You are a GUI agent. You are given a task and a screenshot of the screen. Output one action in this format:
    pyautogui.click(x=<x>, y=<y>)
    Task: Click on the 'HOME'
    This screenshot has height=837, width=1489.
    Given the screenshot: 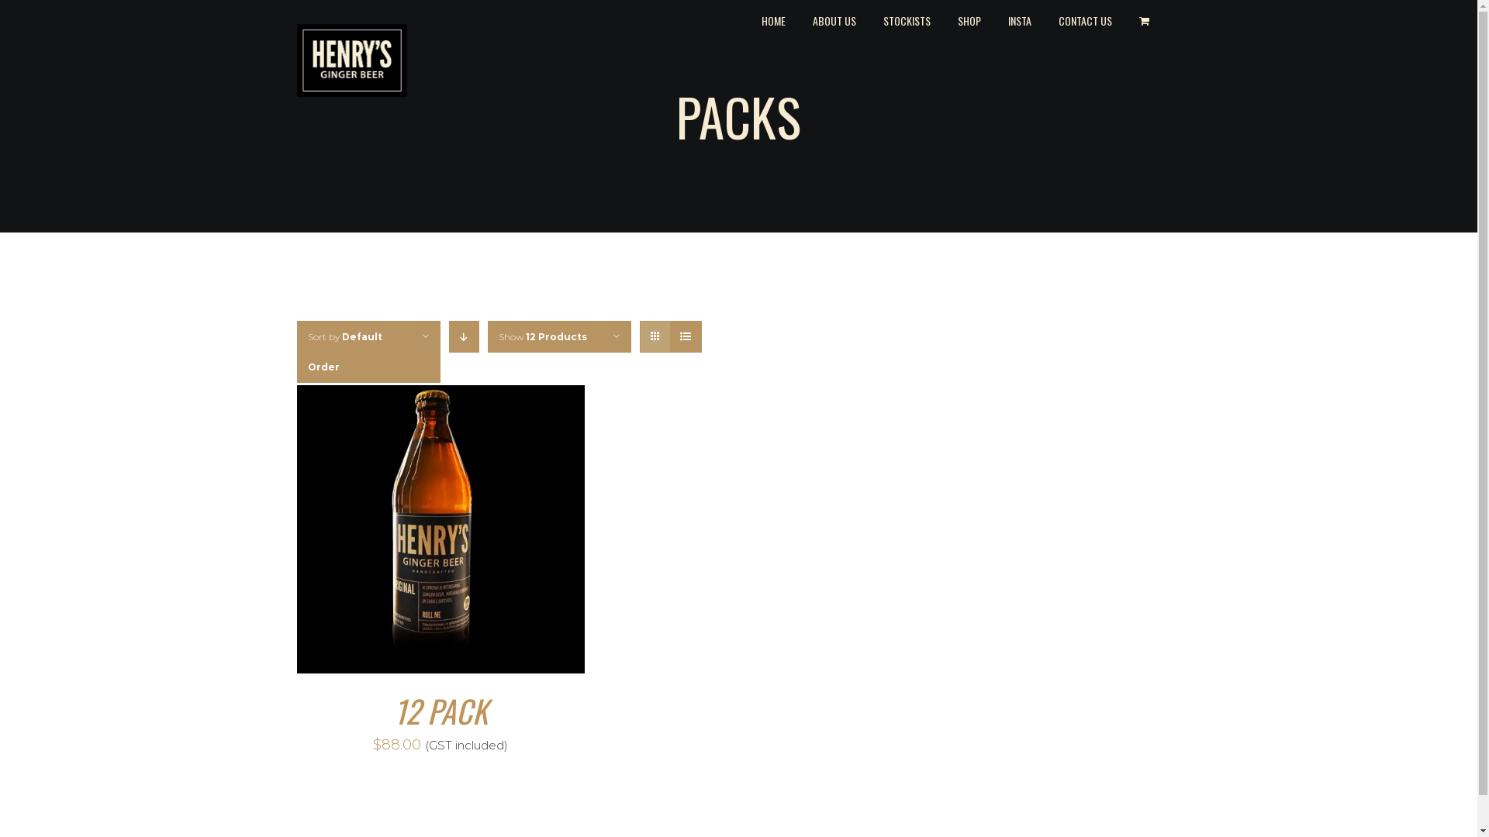 What is the action you would take?
    pyautogui.click(x=773, y=19)
    